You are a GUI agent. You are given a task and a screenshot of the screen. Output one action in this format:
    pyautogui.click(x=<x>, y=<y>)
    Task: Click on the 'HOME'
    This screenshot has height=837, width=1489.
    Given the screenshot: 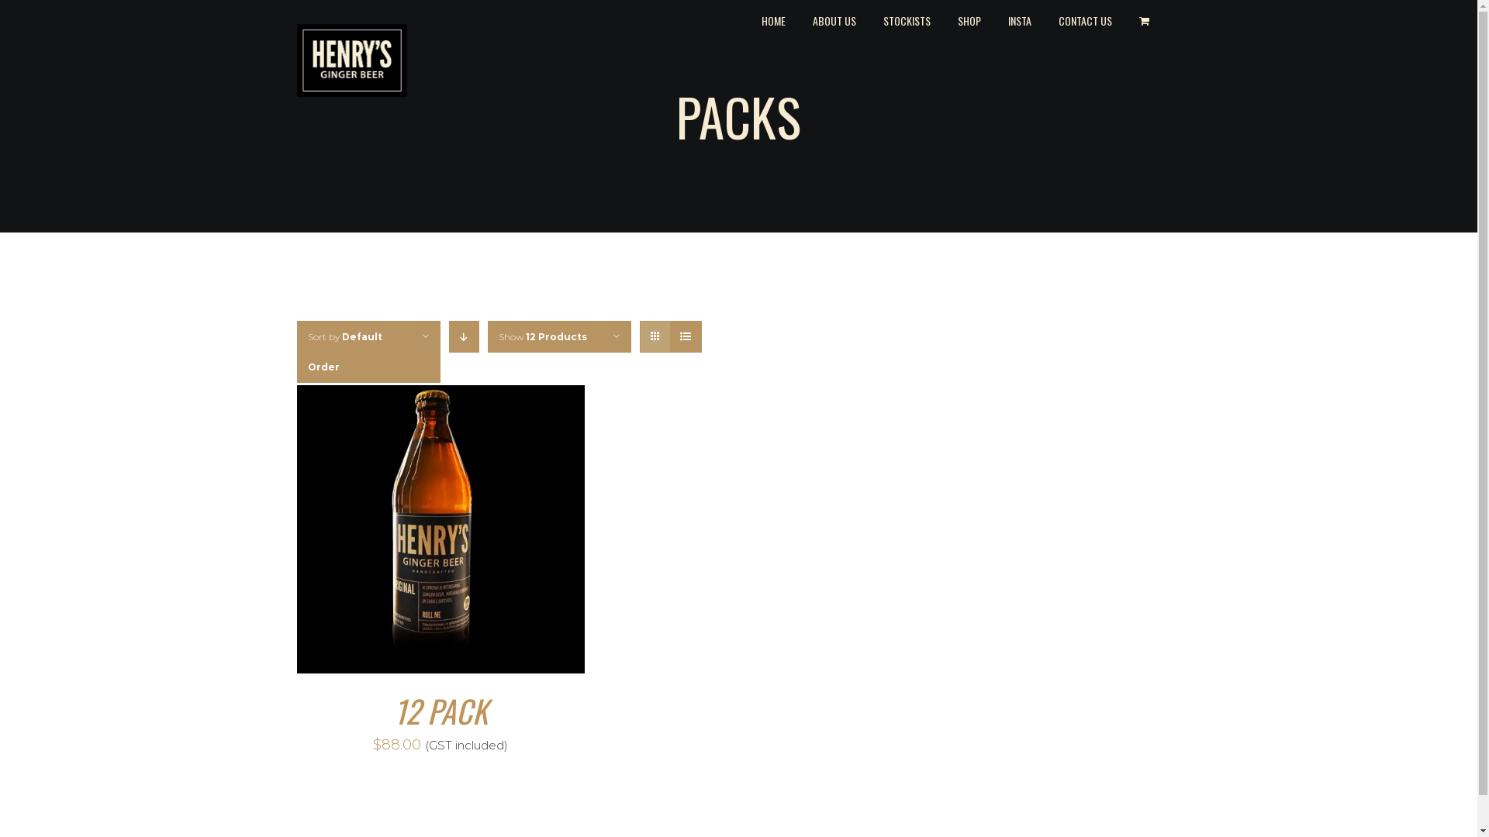 What is the action you would take?
    pyautogui.click(x=773, y=19)
    